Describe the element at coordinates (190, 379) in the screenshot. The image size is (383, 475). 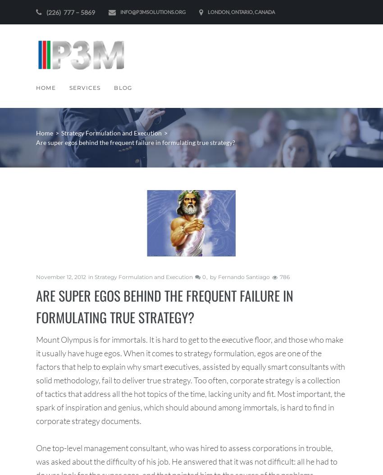
I see `'Mount Olympus is for immortals. It is hard to get to the executive floor, and those who make it usually have huge egos. When it comes to strategy formulation, egos are one of the factors that help to explain why smart executives, assisted by equally smart consultants with solid methodology, fail to deliver true strategy. Too often, corporate strategy is a collection of tactics that address all the hot topics of the time, lacking unity and fit. Most important, the spark of inspiration and genius, which should abound among immortals, is hard to find in corporate strategy documents.'` at that location.